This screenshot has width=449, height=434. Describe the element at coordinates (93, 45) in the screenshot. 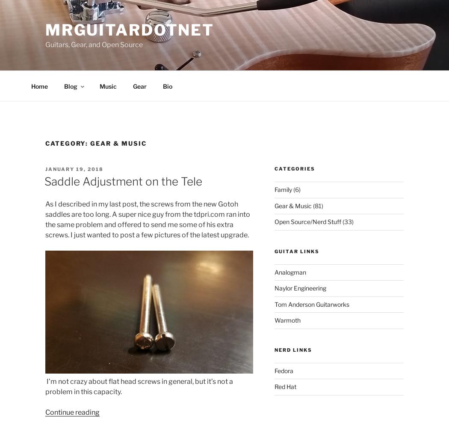

I see `'Guitars, Gear, and Open Source'` at that location.